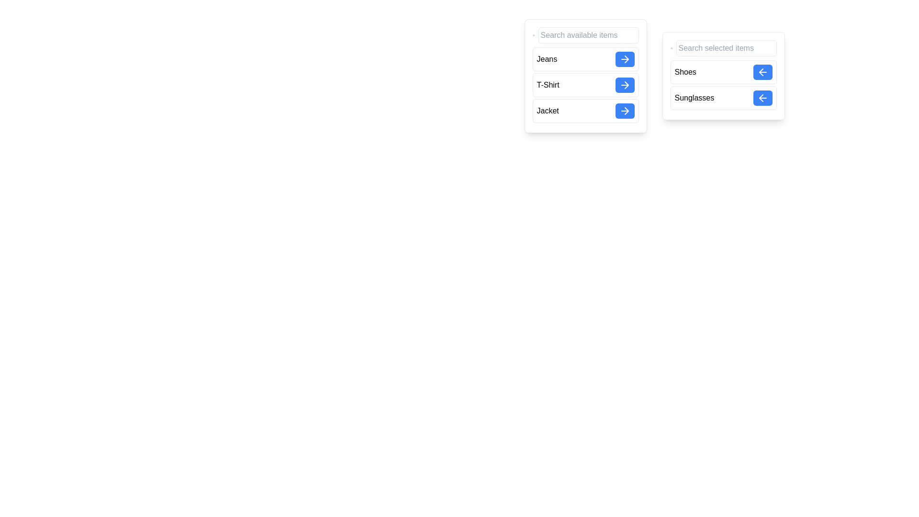  What do you see at coordinates (625, 110) in the screenshot?
I see `the right-pointing arrow icon button with a blue background located to the far right of the 'Jacket' item in the 'Search available items' section` at bounding box center [625, 110].